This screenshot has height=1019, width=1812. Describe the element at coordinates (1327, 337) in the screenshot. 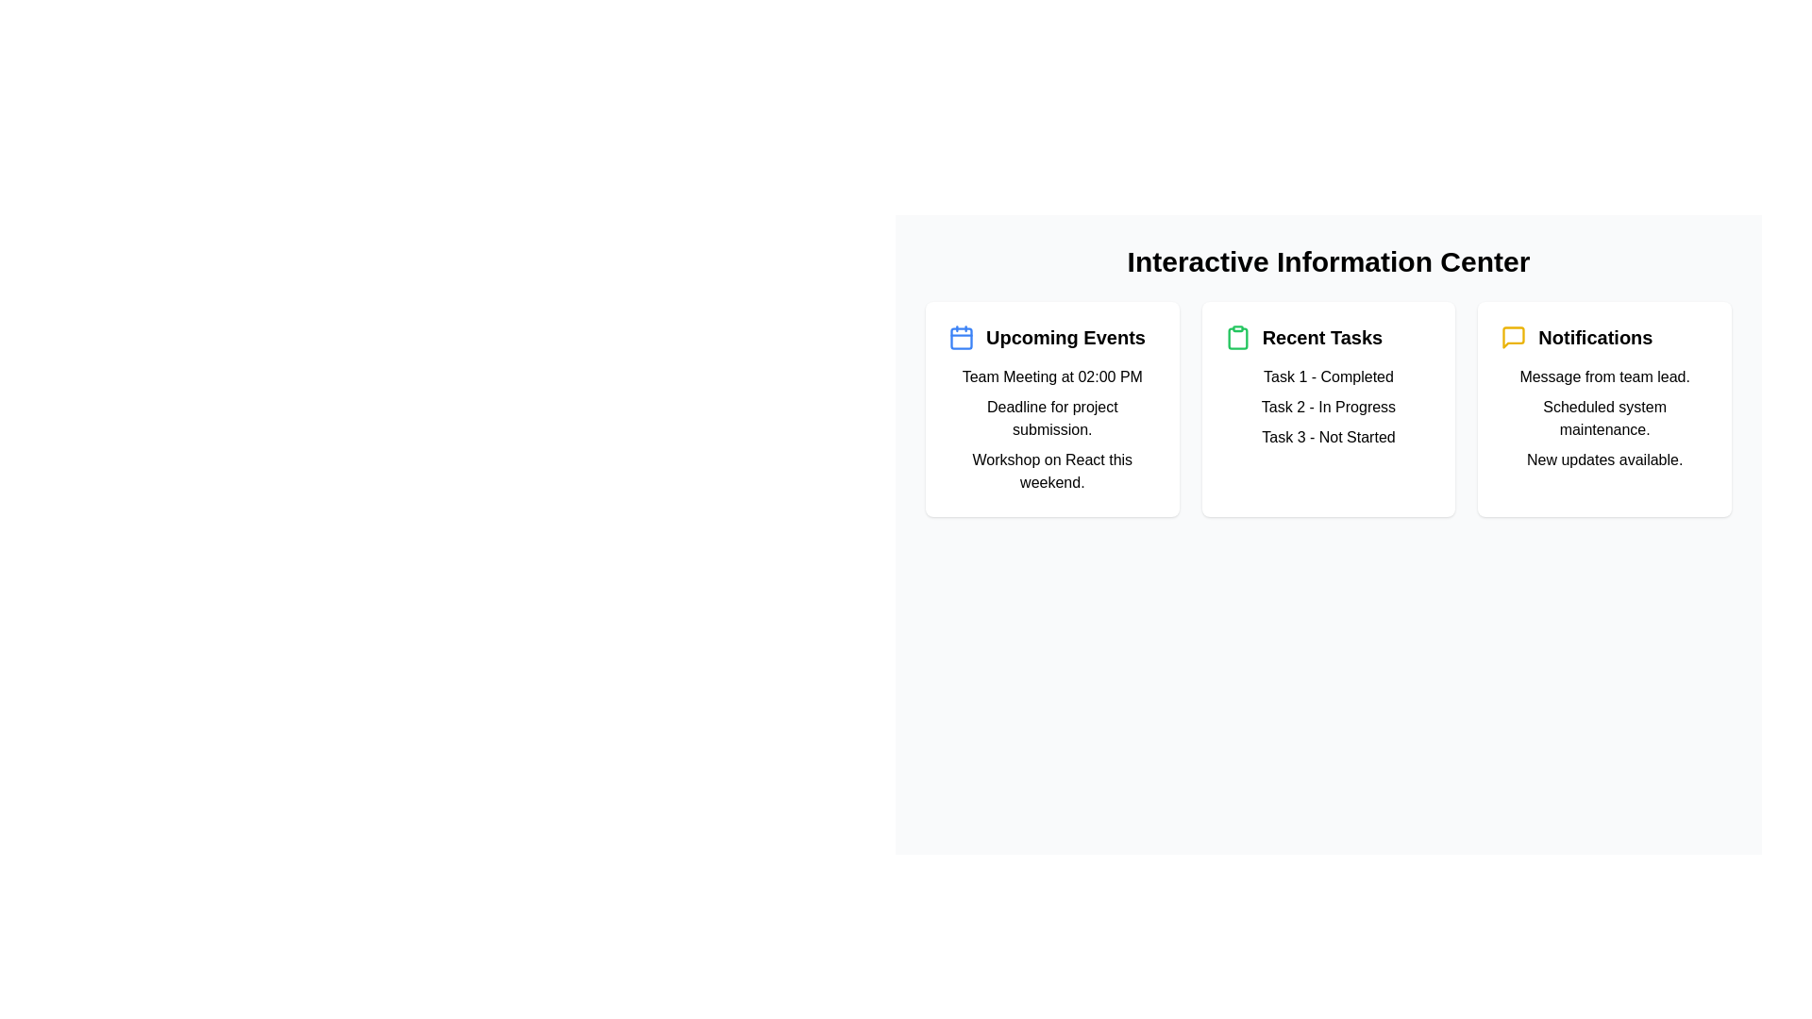

I see `displayed text of the section header labeled 'Recent Tasks', which includes a green clipboard icon to the left of the bold text` at that location.